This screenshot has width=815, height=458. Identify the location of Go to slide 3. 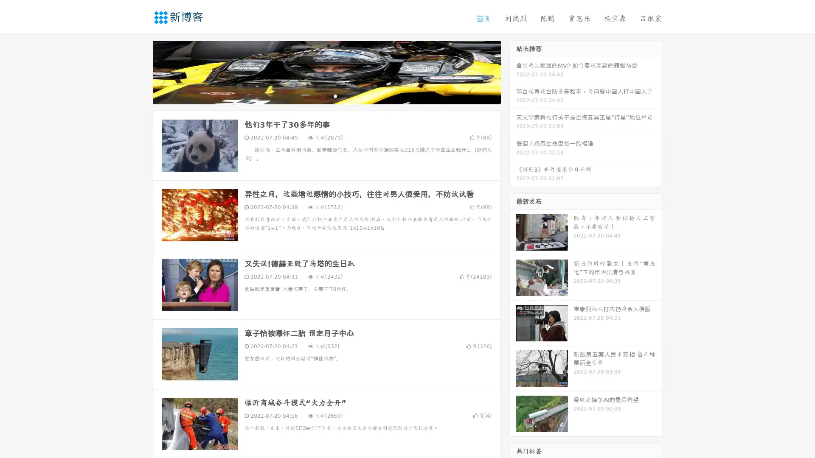
(335, 95).